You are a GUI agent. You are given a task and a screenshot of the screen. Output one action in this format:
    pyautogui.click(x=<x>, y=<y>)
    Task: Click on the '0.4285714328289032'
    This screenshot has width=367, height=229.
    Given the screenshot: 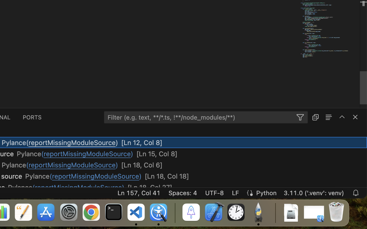 What is the action you would take?
    pyautogui.click(x=175, y=212)
    